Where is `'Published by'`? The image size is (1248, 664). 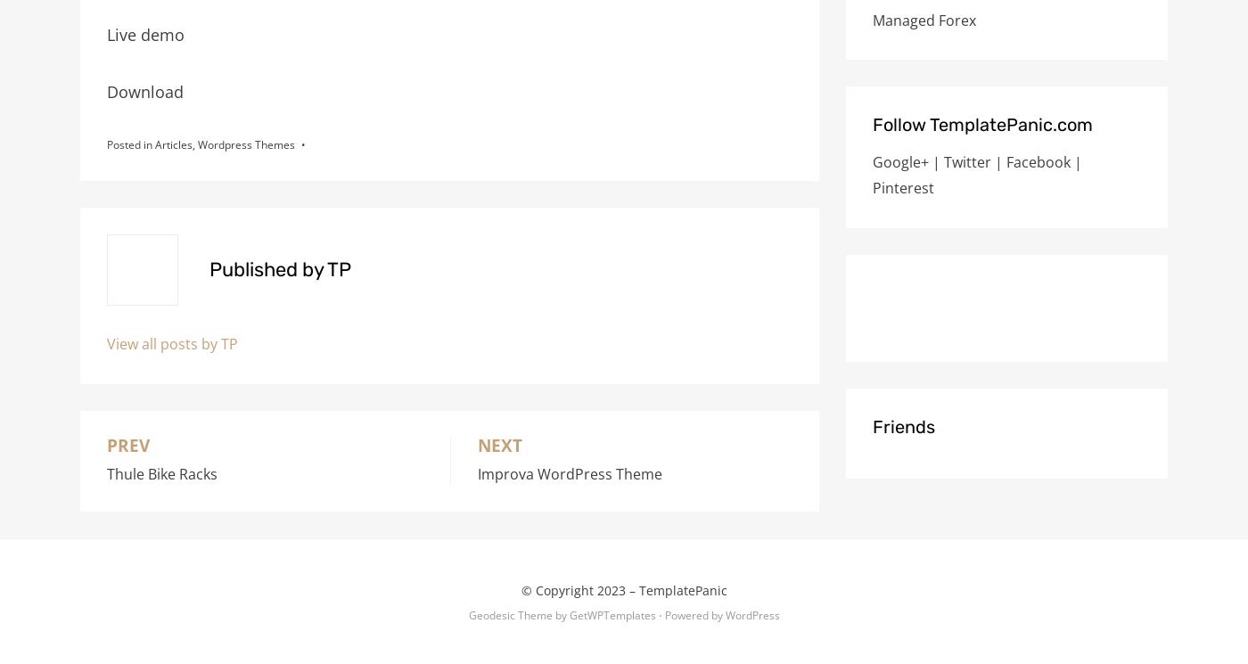 'Published by' is located at coordinates (209, 269).